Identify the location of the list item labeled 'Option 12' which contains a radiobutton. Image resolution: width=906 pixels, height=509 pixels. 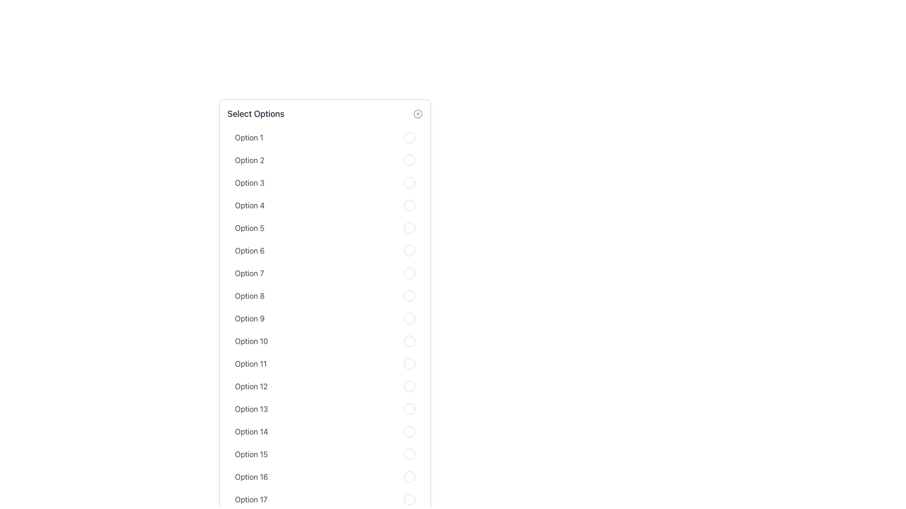
(325, 386).